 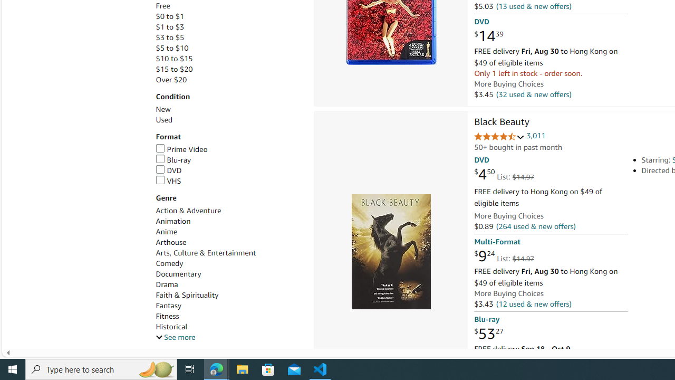 What do you see at coordinates (488, 334) in the screenshot?
I see `'$53.27'` at bounding box center [488, 334].